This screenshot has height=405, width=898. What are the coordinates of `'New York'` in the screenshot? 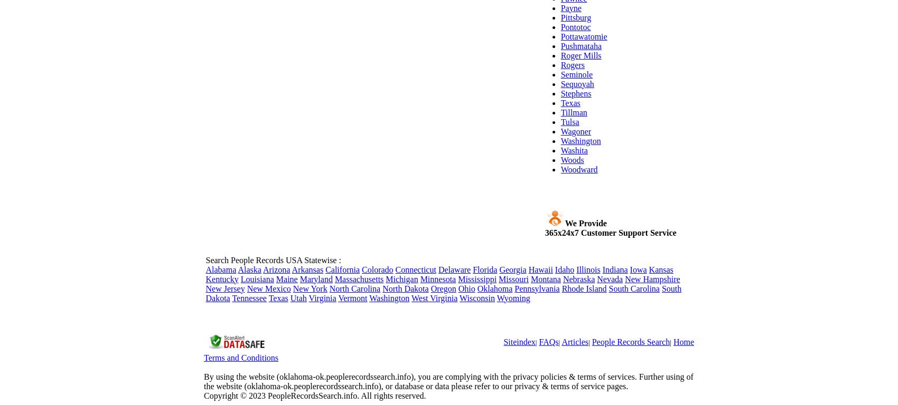 It's located at (292, 288).